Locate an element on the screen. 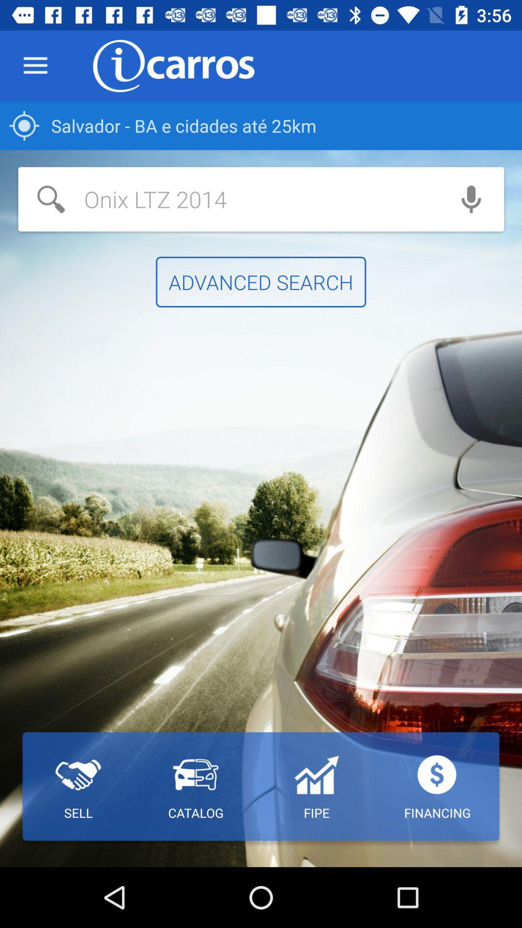 The image size is (522, 928). place to enter make/model of vehicle is located at coordinates (228, 199).